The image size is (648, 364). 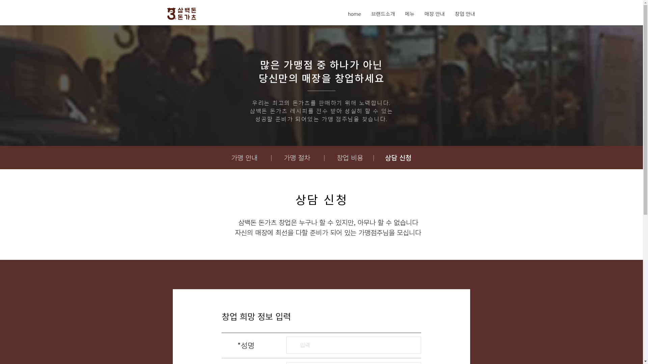 What do you see at coordinates (354, 14) in the screenshot?
I see `'home'` at bounding box center [354, 14].